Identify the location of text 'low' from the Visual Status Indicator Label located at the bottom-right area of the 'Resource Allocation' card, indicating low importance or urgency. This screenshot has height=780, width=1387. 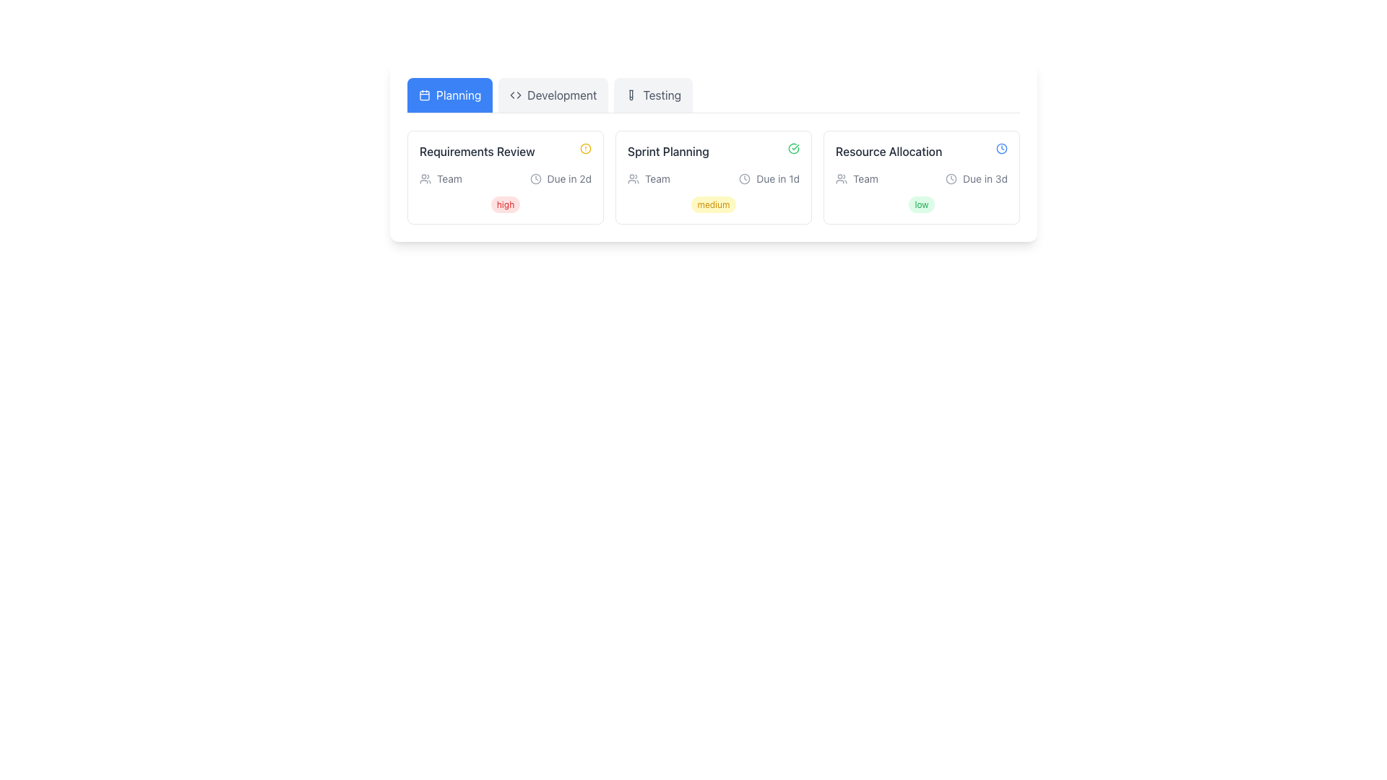
(921, 204).